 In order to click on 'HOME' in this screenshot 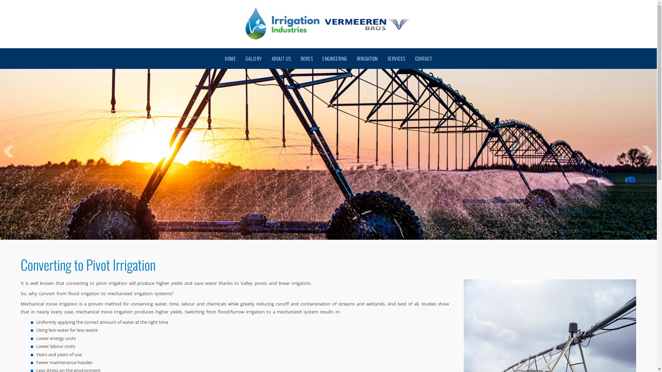, I will do `click(230, 58)`.